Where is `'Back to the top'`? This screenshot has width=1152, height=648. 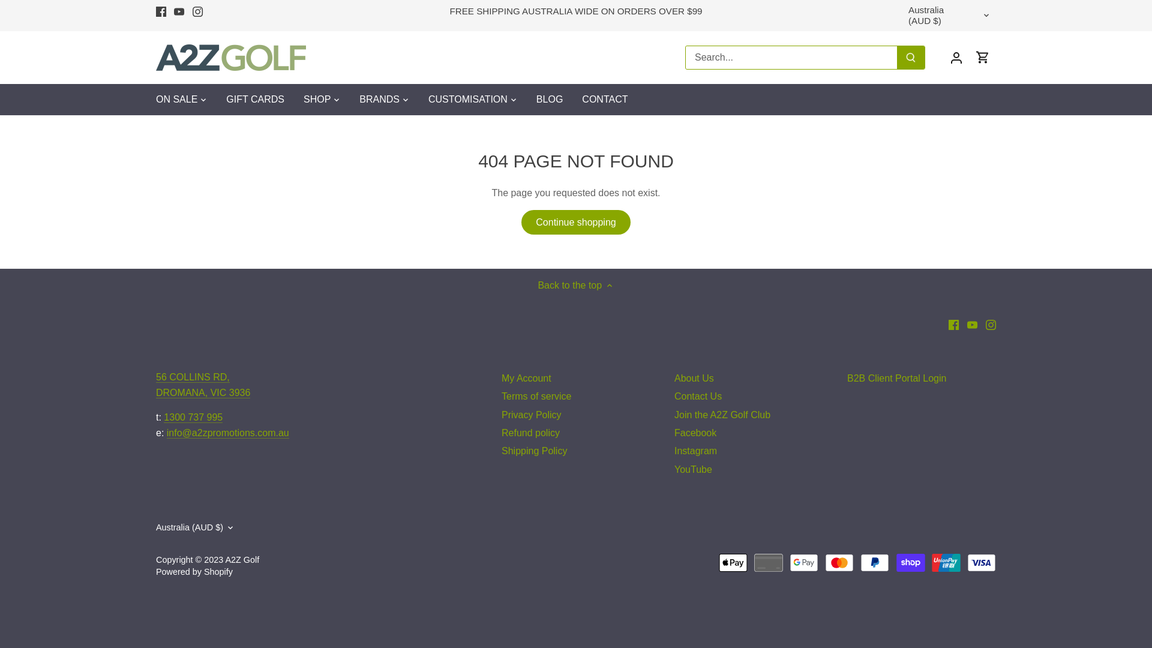
'Back to the top' is located at coordinates (575, 285).